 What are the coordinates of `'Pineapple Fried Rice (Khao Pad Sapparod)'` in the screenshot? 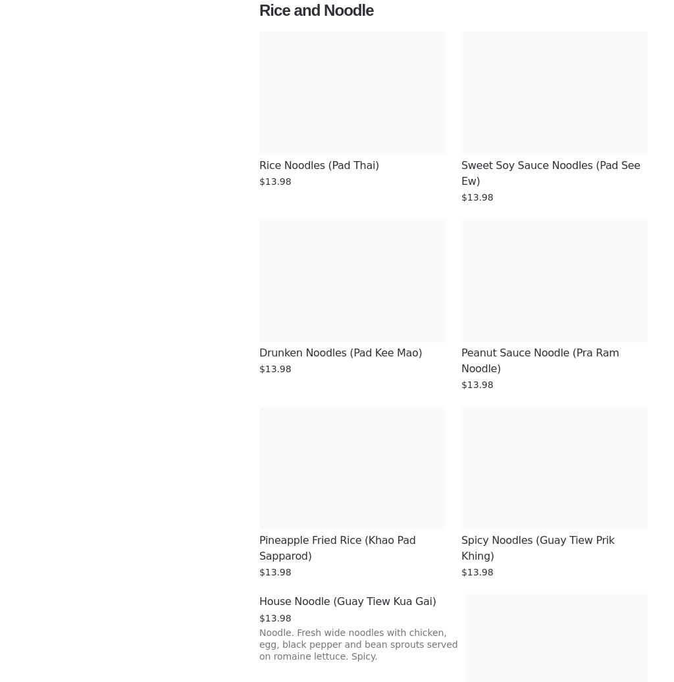 It's located at (259, 548).